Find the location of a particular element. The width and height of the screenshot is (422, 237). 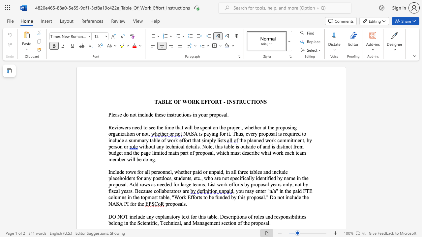

the subset text "t descri" within the text "without any technical details. Note, this table is outside of and is distinct from budget and the page limited main part of proposal, which must describe what work each team member will be doing." is located at coordinates (239, 153).